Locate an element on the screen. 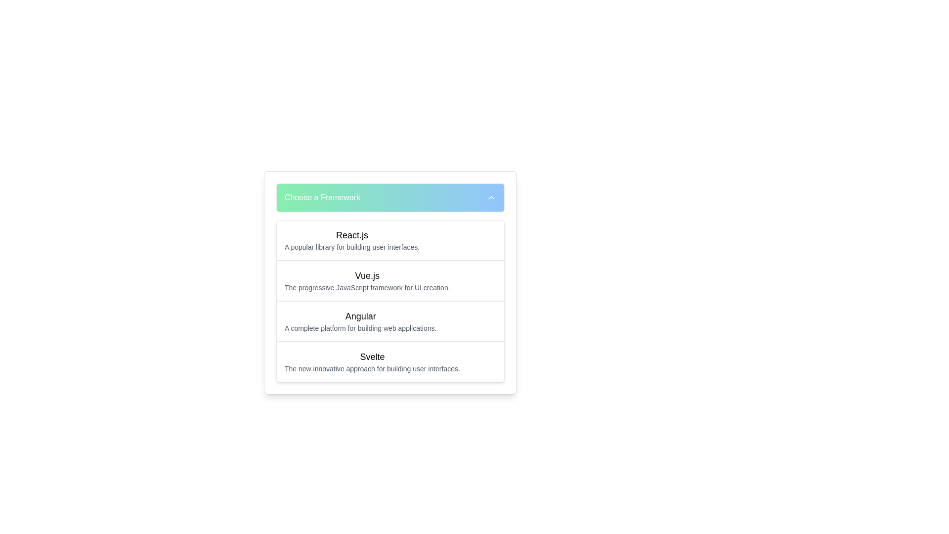 The image size is (949, 534). the text-based selectable item displaying 'Angular' is located at coordinates (360, 321).